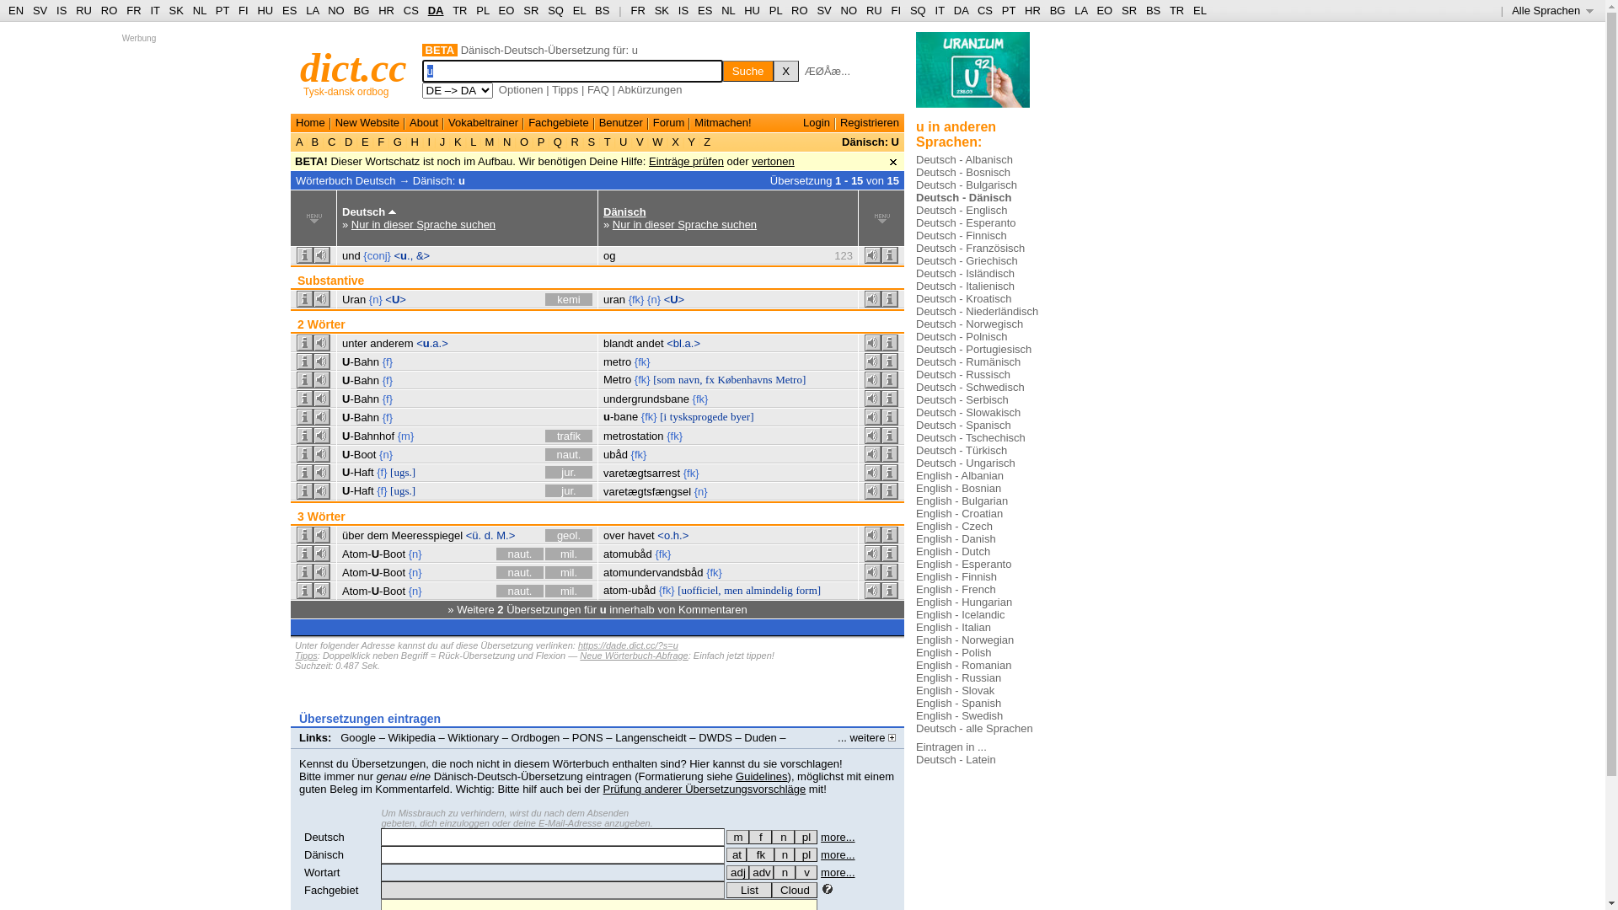 The image size is (1618, 910). I want to click on 'Y', so click(684, 141).